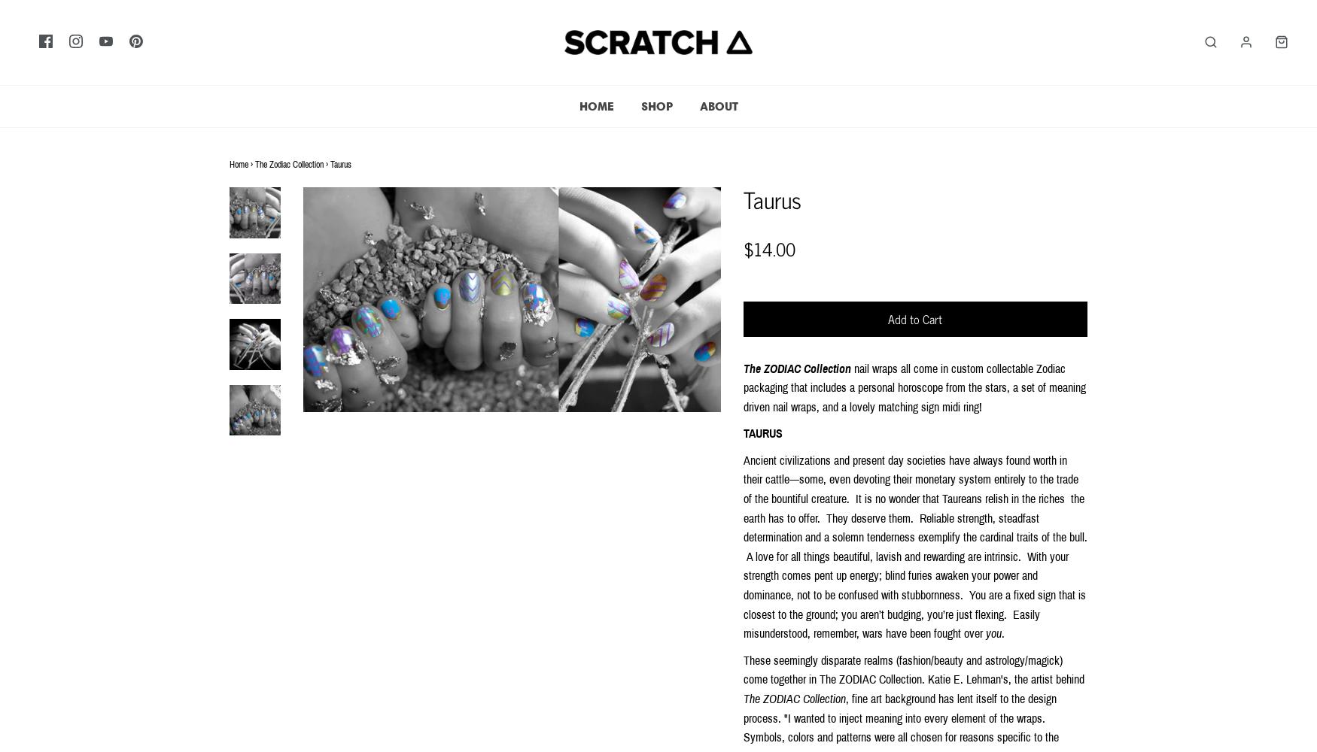 The width and height of the screenshot is (1317, 752). What do you see at coordinates (595, 105) in the screenshot?
I see `'HOME'` at bounding box center [595, 105].